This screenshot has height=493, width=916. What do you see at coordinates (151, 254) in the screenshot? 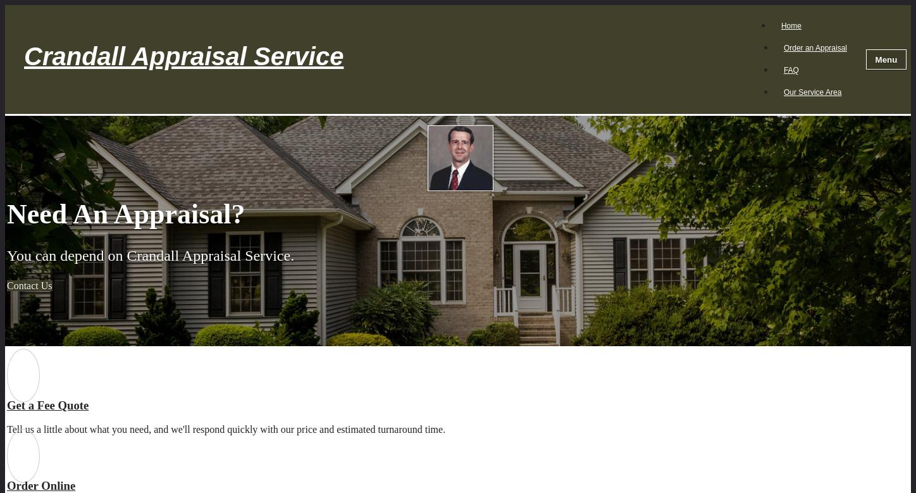
I see `'You can depend on Crandall Appraisal Service.'` at bounding box center [151, 254].